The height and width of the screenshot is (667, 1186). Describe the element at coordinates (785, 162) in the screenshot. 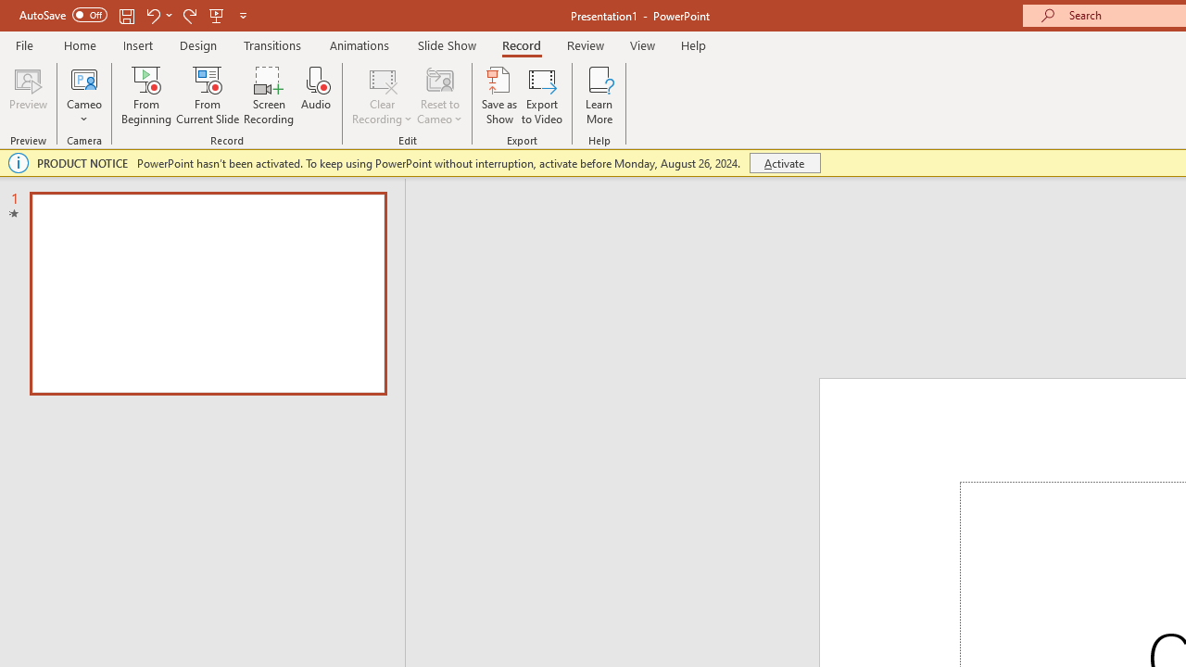

I see `'Activate'` at that location.